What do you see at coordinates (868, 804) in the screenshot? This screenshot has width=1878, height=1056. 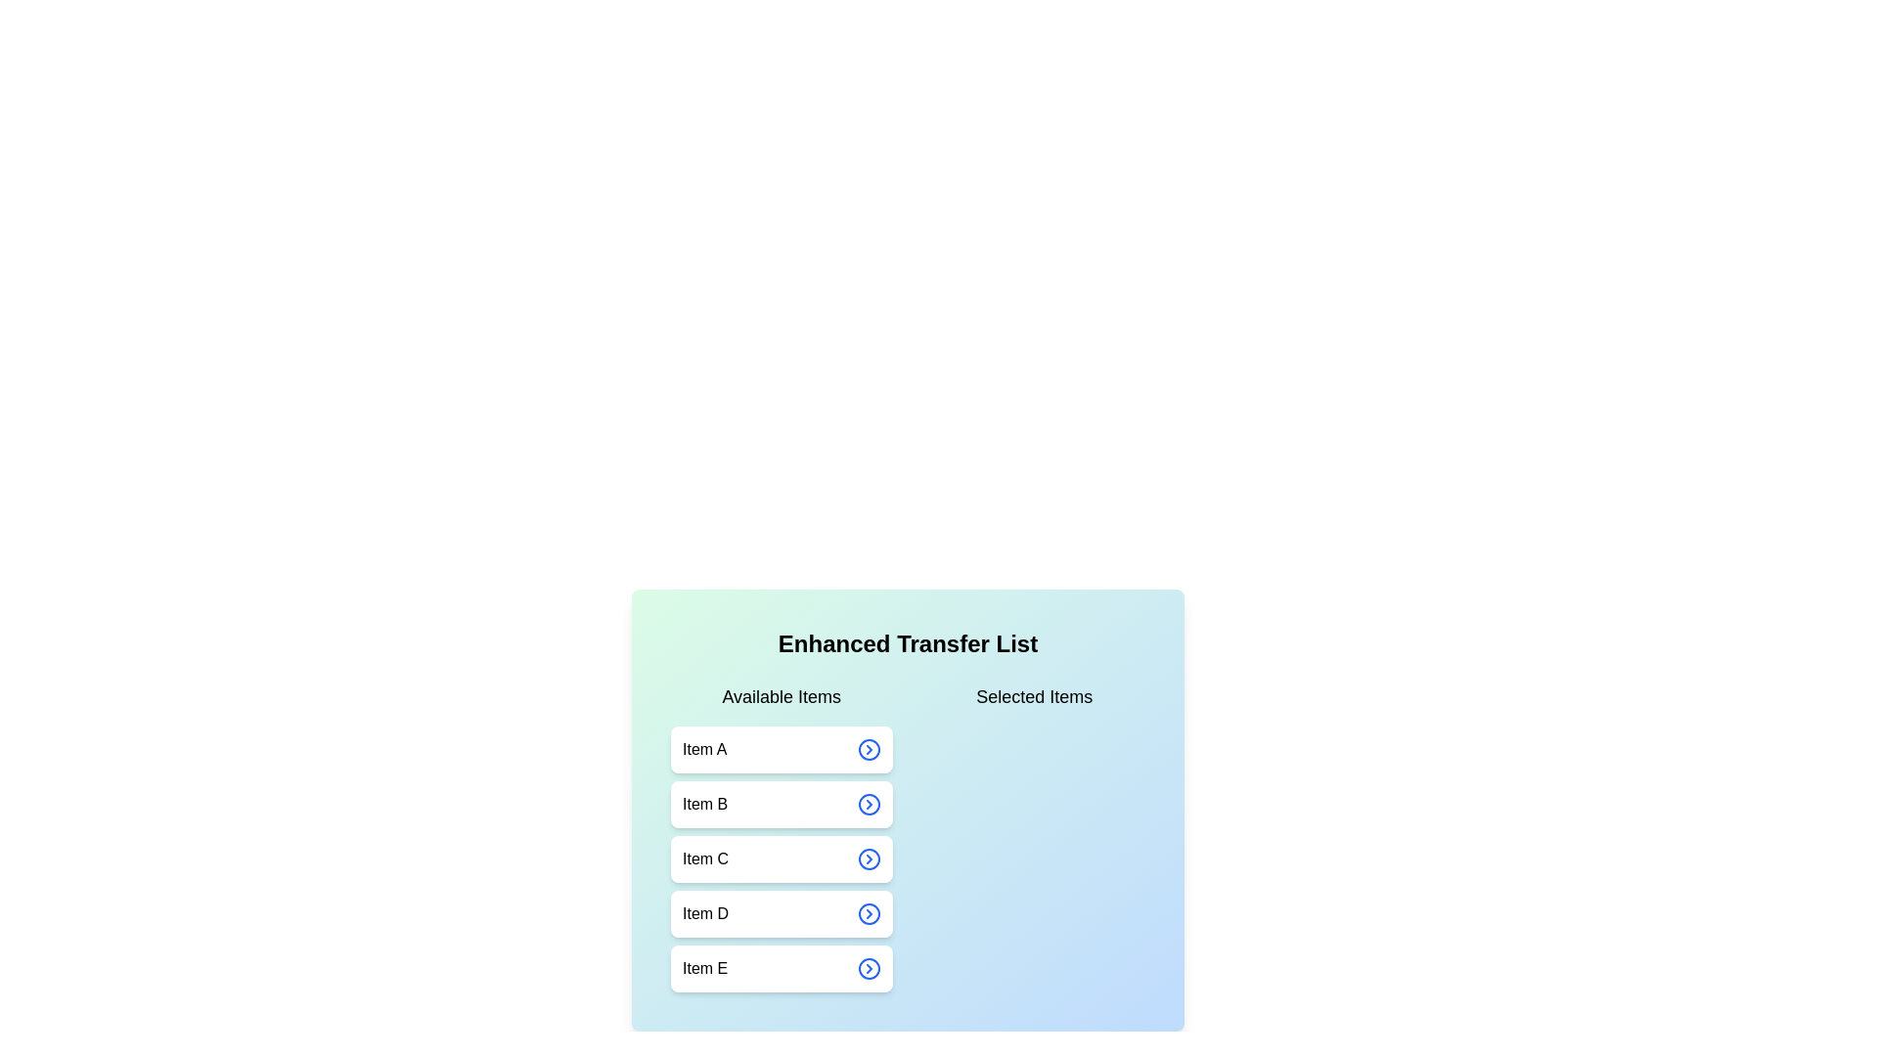 I see `arrow button next to Item B in the available list to transfer it to the selected list` at bounding box center [868, 804].